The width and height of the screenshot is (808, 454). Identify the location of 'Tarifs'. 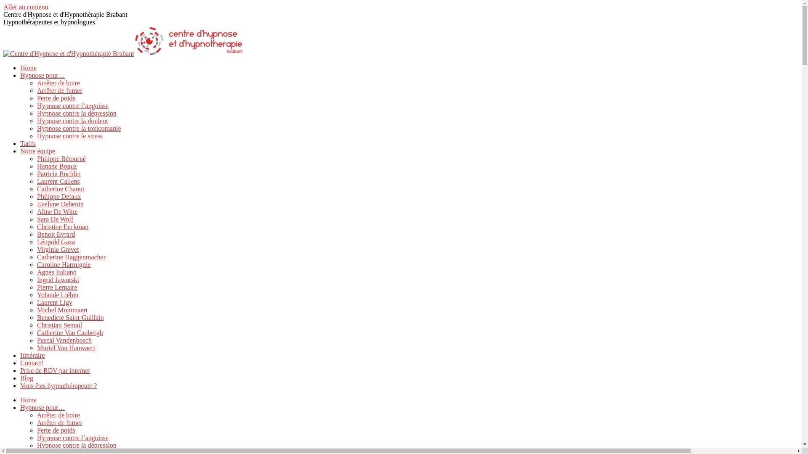
(28, 143).